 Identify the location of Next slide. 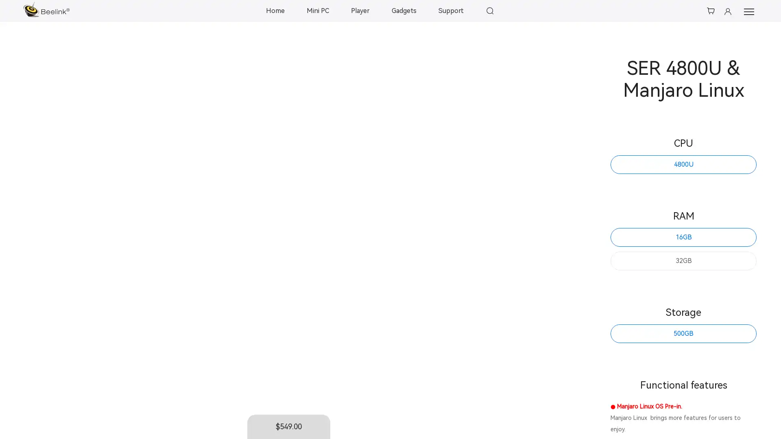
(544, 239).